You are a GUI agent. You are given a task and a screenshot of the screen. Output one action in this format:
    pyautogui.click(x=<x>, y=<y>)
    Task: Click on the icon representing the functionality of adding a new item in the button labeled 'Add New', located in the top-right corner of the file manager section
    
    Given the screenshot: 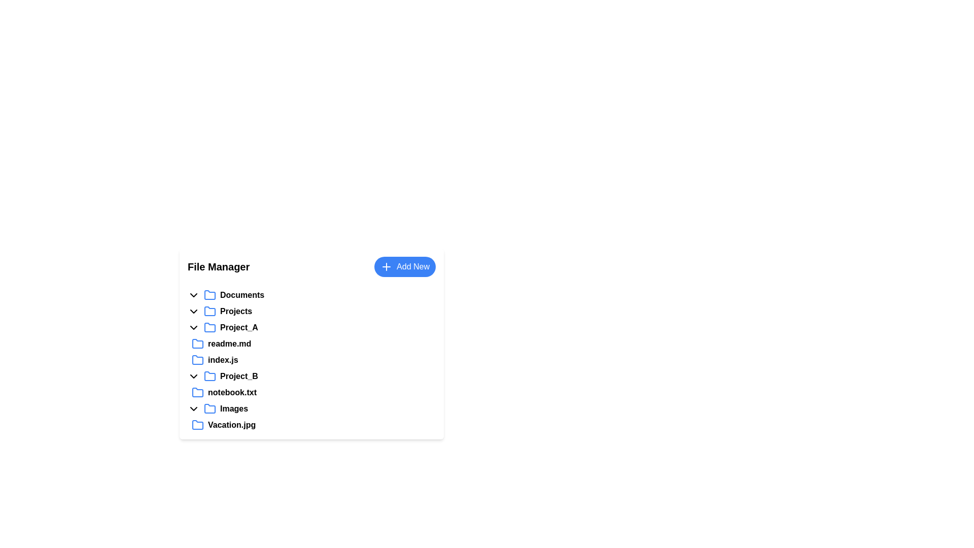 What is the action you would take?
    pyautogui.click(x=386, y=266)
    